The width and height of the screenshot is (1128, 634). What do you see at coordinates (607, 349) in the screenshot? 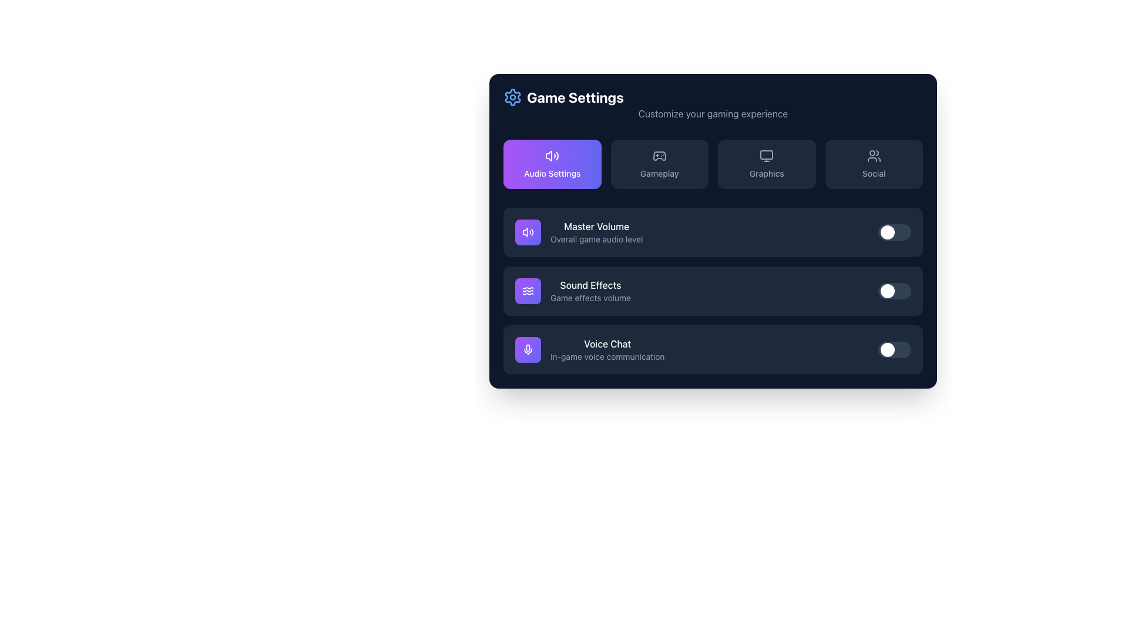
I see `description of the 'Voice Chat' text block, which includes the header 'Voice Chat' in white text and the description 'In-game voice communication' in light gray text, located in the settings interface after 'Sound Effects'` at bounding box center [607, 349].